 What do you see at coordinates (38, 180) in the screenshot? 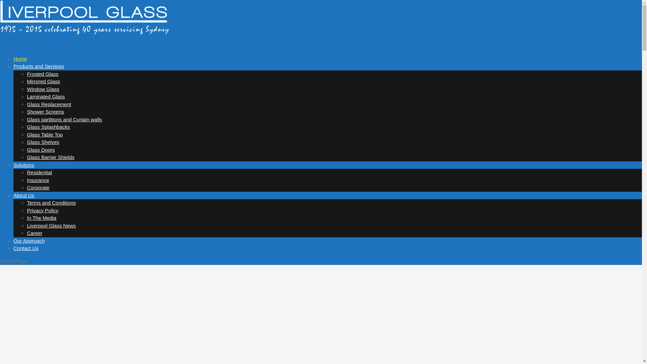
I see `'Insurance'` at bounding box center [38, 180].